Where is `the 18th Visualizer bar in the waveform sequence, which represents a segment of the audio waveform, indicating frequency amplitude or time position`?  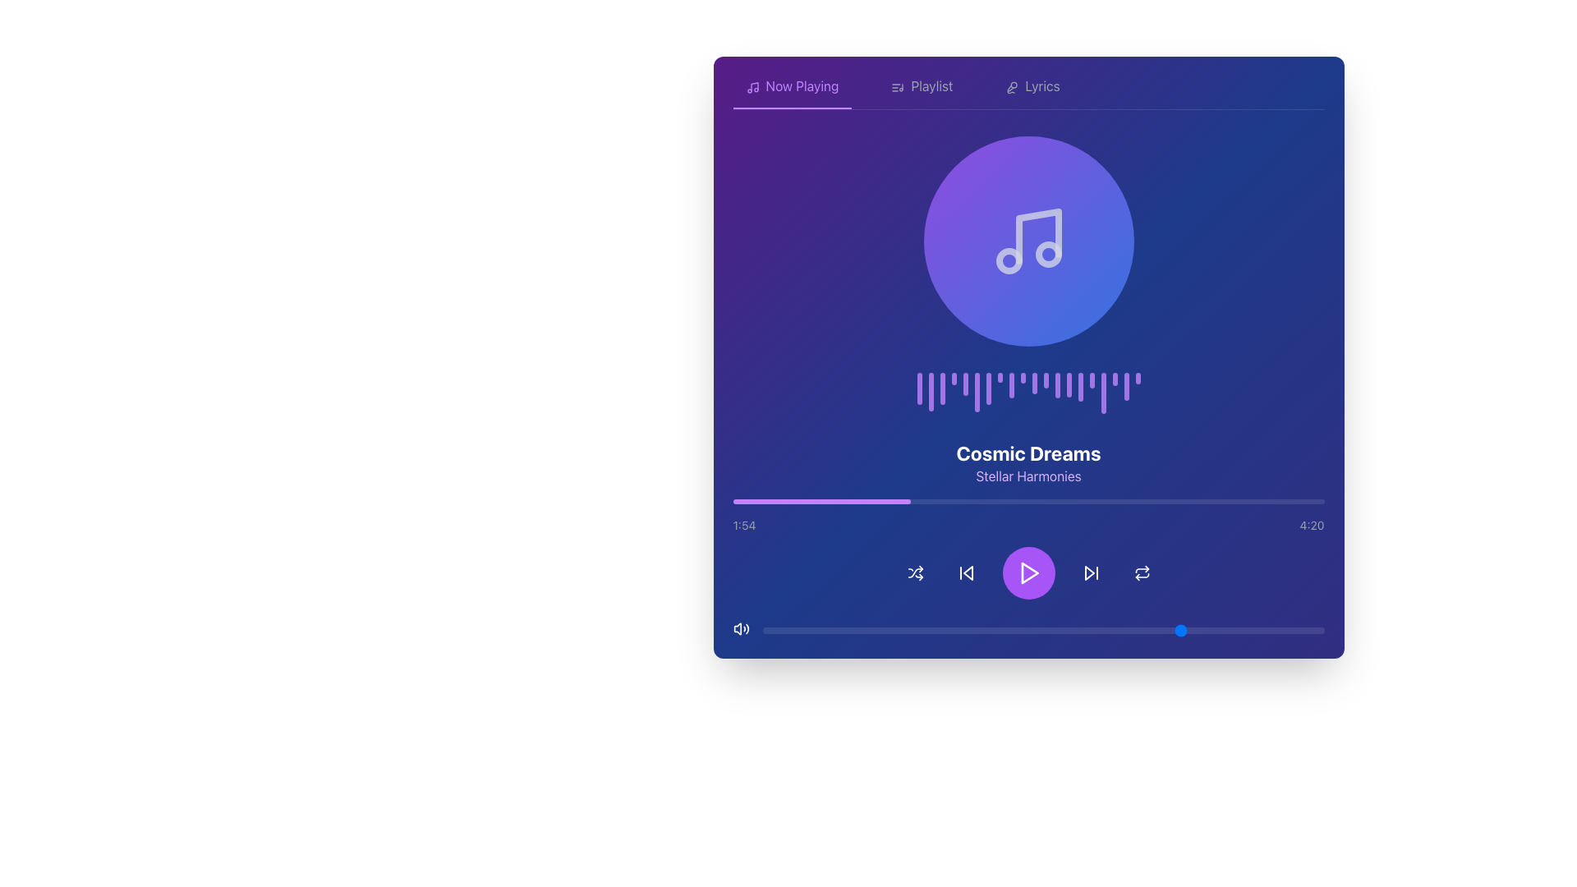
the 18th Visualizer bar in the waveform sequence, which represents a segment of the audio waveform, indicating frequency amplitude or time position is located at coordinates (1103, 393).